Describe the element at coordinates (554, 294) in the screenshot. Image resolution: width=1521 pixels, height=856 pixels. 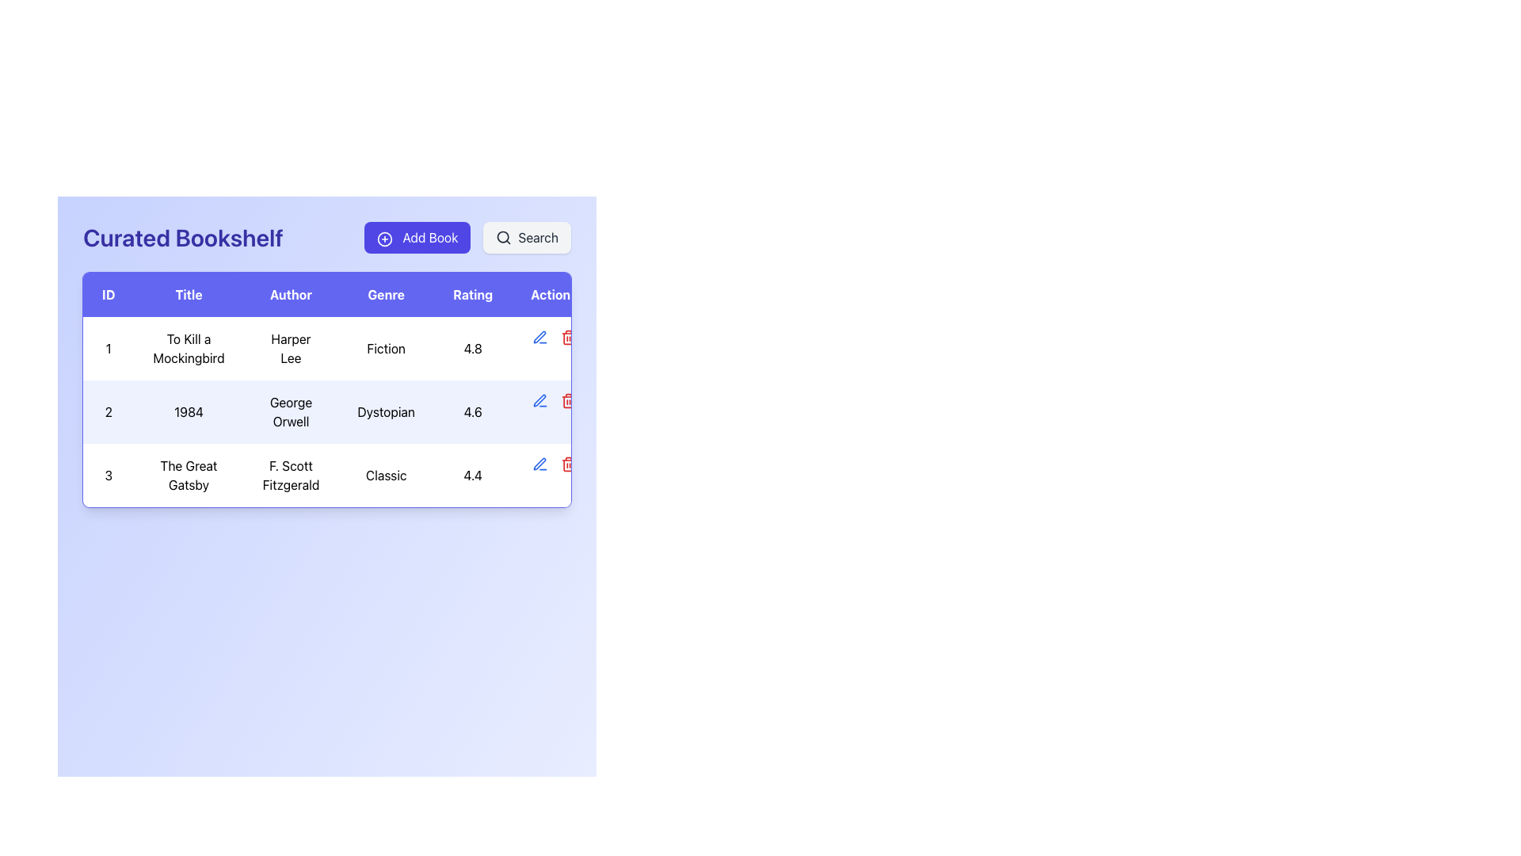
I see `the 'Actions' table header cell, which is the last cell in the header row indicating action-related functionalities` at that location.